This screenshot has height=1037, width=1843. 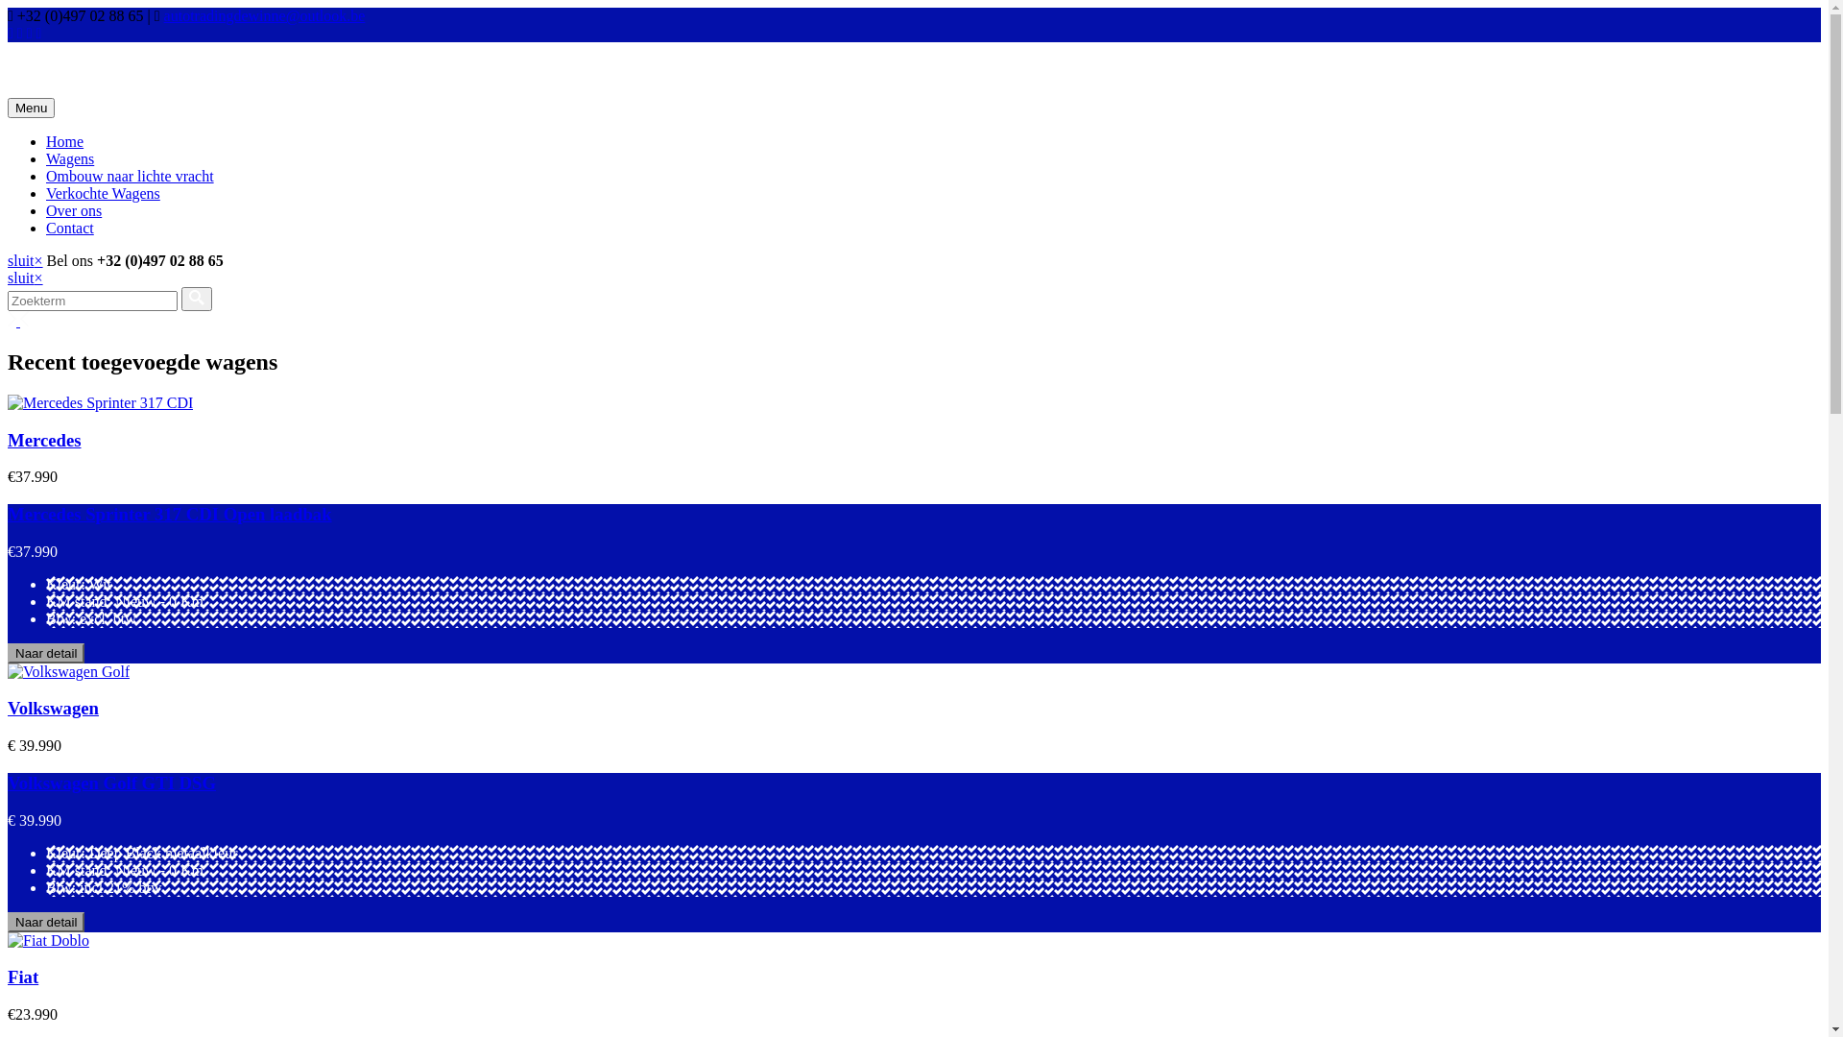 I want to click on ' Mercedes   Sprinter 317 CDI', so click(x=99, y=401).